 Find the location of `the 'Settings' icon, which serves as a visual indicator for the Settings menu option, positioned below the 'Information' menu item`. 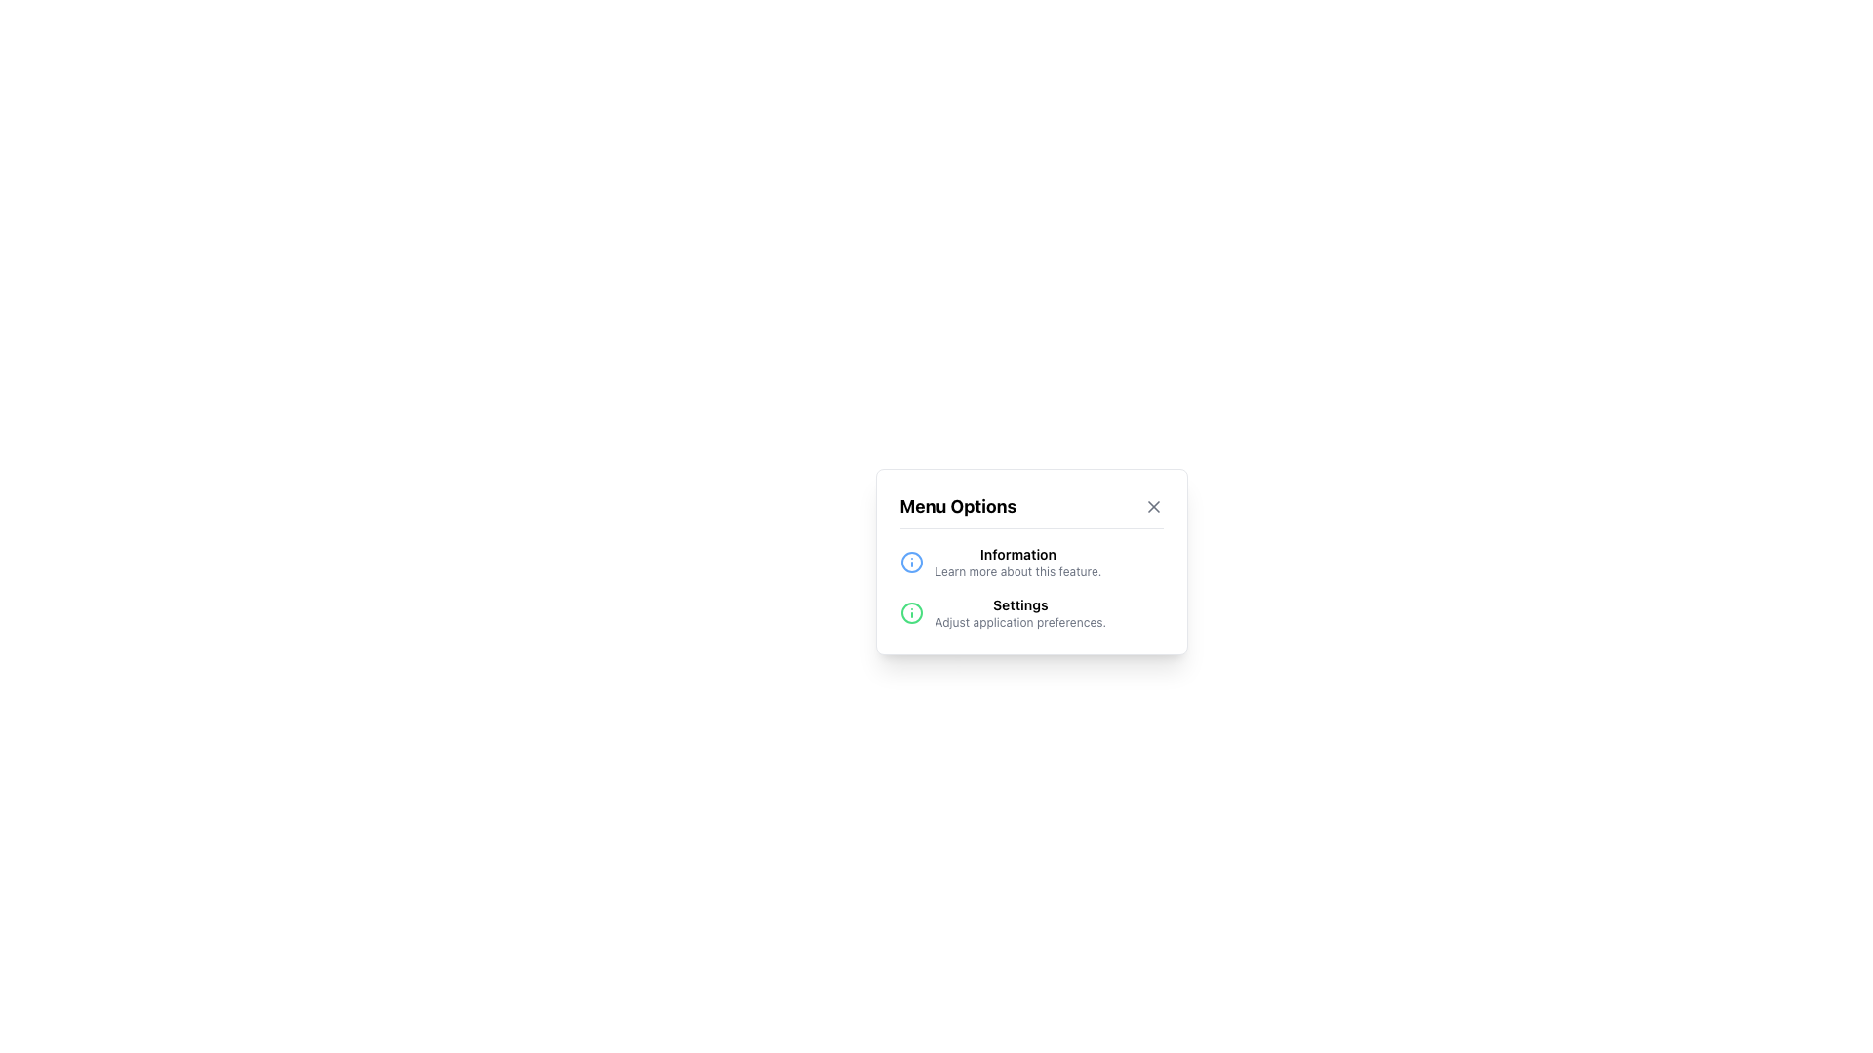

the 'Settings' icon, which serves as a visual indicator for the Settings menu option, positioned below the 'Information' menu item is located at coordinates (910, 611).